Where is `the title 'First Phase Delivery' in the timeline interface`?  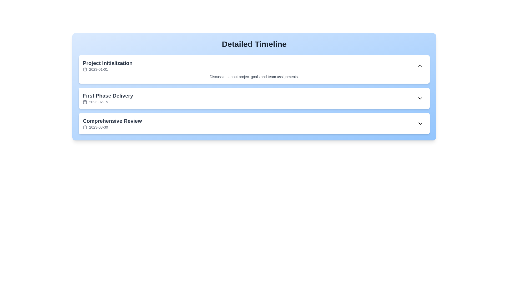
the title 'First Phase Delivery' in the timeline interface is located at coordinates (108, 98).